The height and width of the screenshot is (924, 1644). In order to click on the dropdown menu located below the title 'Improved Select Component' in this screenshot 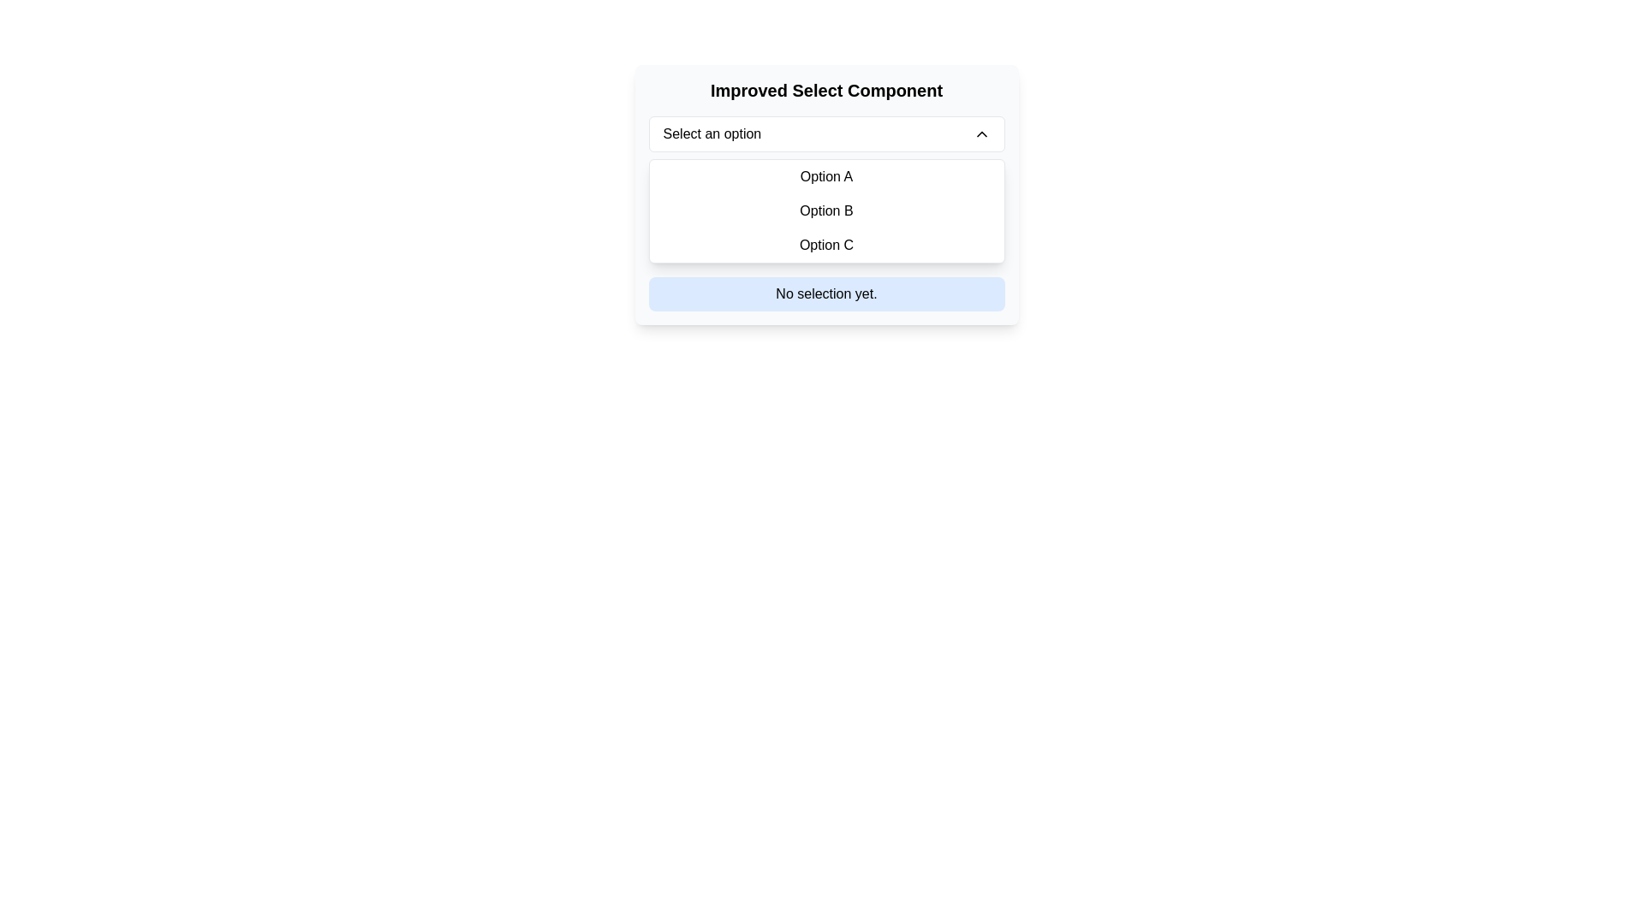, I will do `click(826, 190)`.